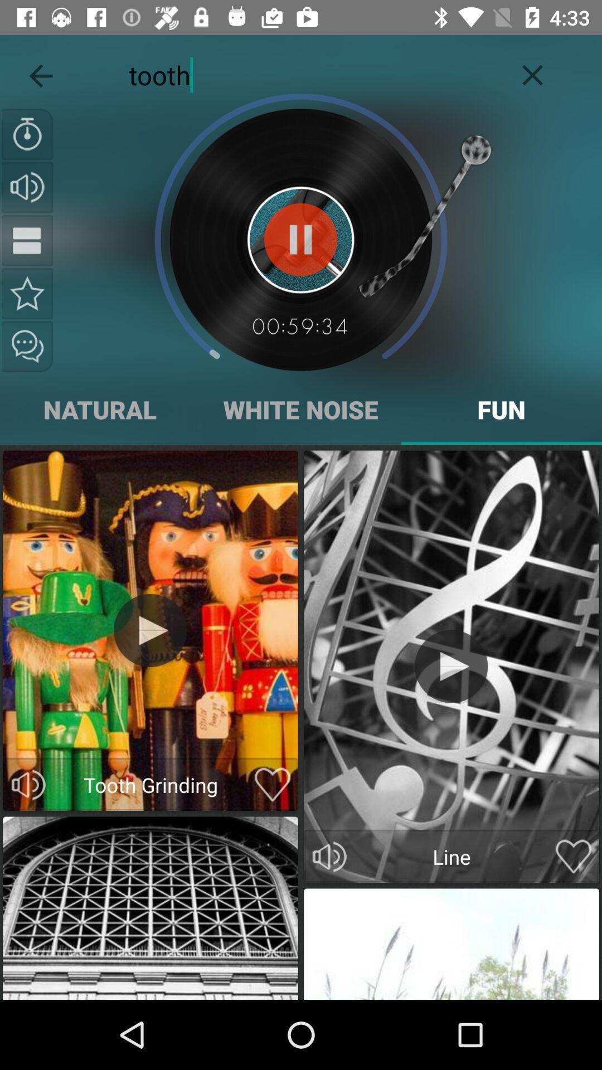  What do you see at coordinates (300, 239) in the screenshot?
I see `pause music` at bounding box center [300, 239].